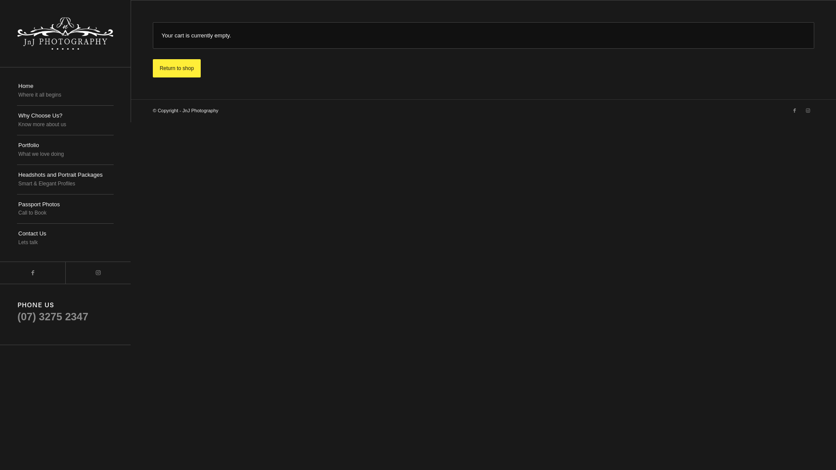  I want to click on 'Passport Photos, so click(64, 209).